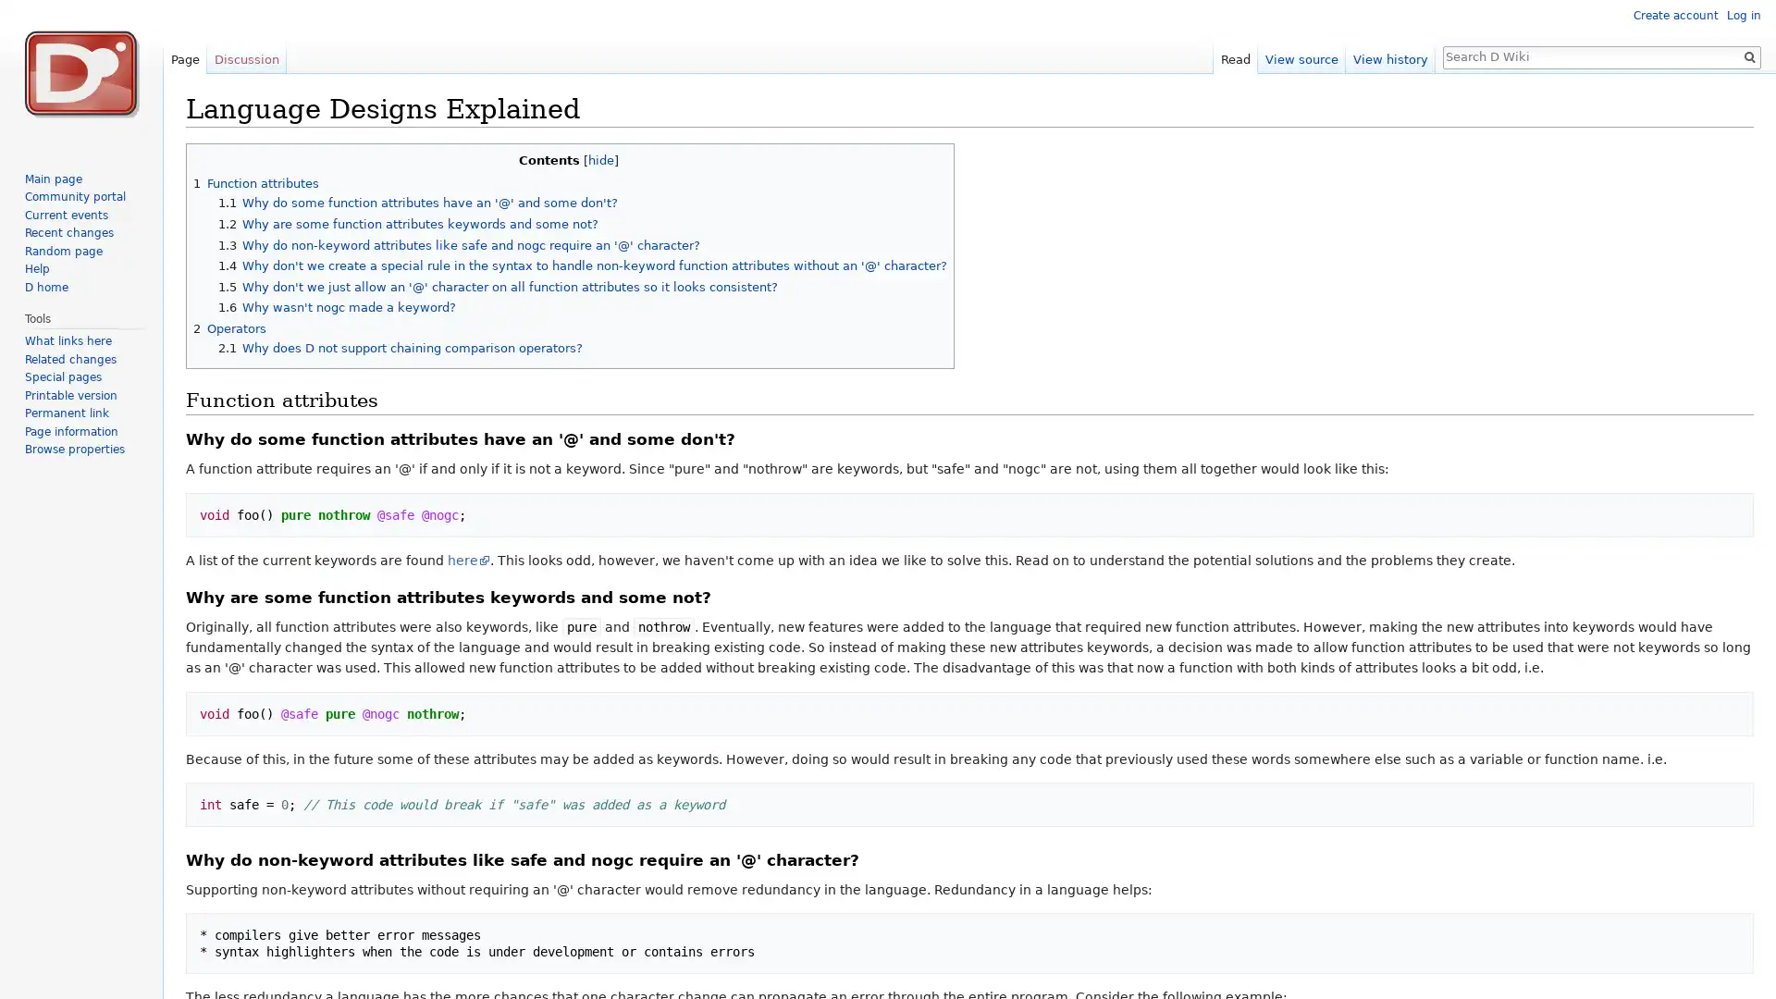 This screenshot has height=999, width=1776. I want to click on hide, so click(599, 158).